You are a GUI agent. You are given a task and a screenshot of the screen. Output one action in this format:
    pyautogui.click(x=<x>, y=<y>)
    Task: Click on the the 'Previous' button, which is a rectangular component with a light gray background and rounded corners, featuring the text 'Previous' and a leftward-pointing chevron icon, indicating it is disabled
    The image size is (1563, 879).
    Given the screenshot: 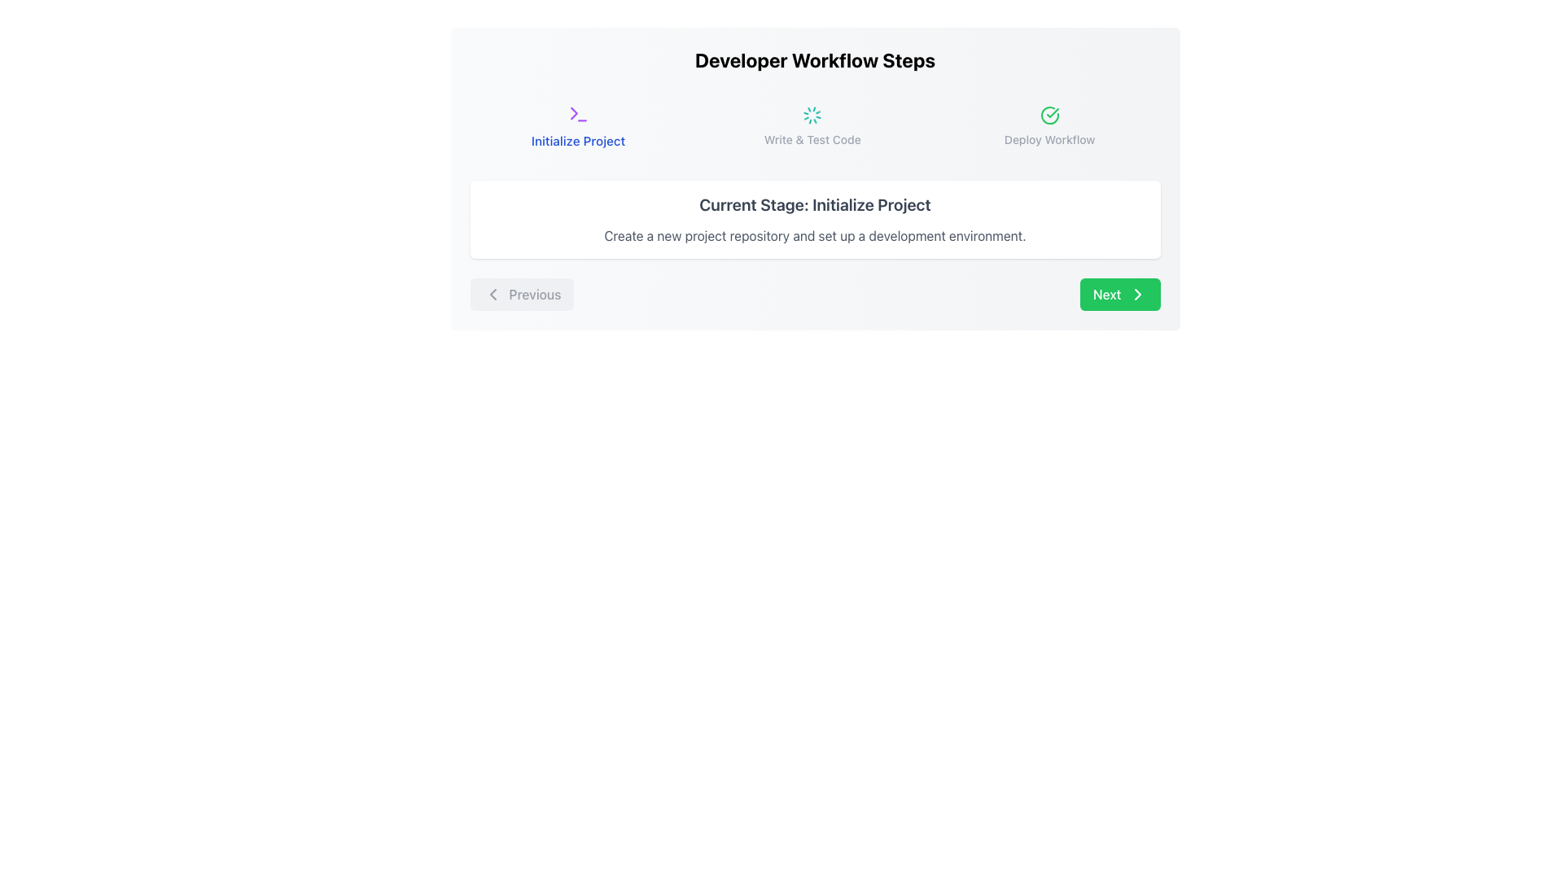 What is the action you would take?
    pyautogui.click(x=522, y=295)
    